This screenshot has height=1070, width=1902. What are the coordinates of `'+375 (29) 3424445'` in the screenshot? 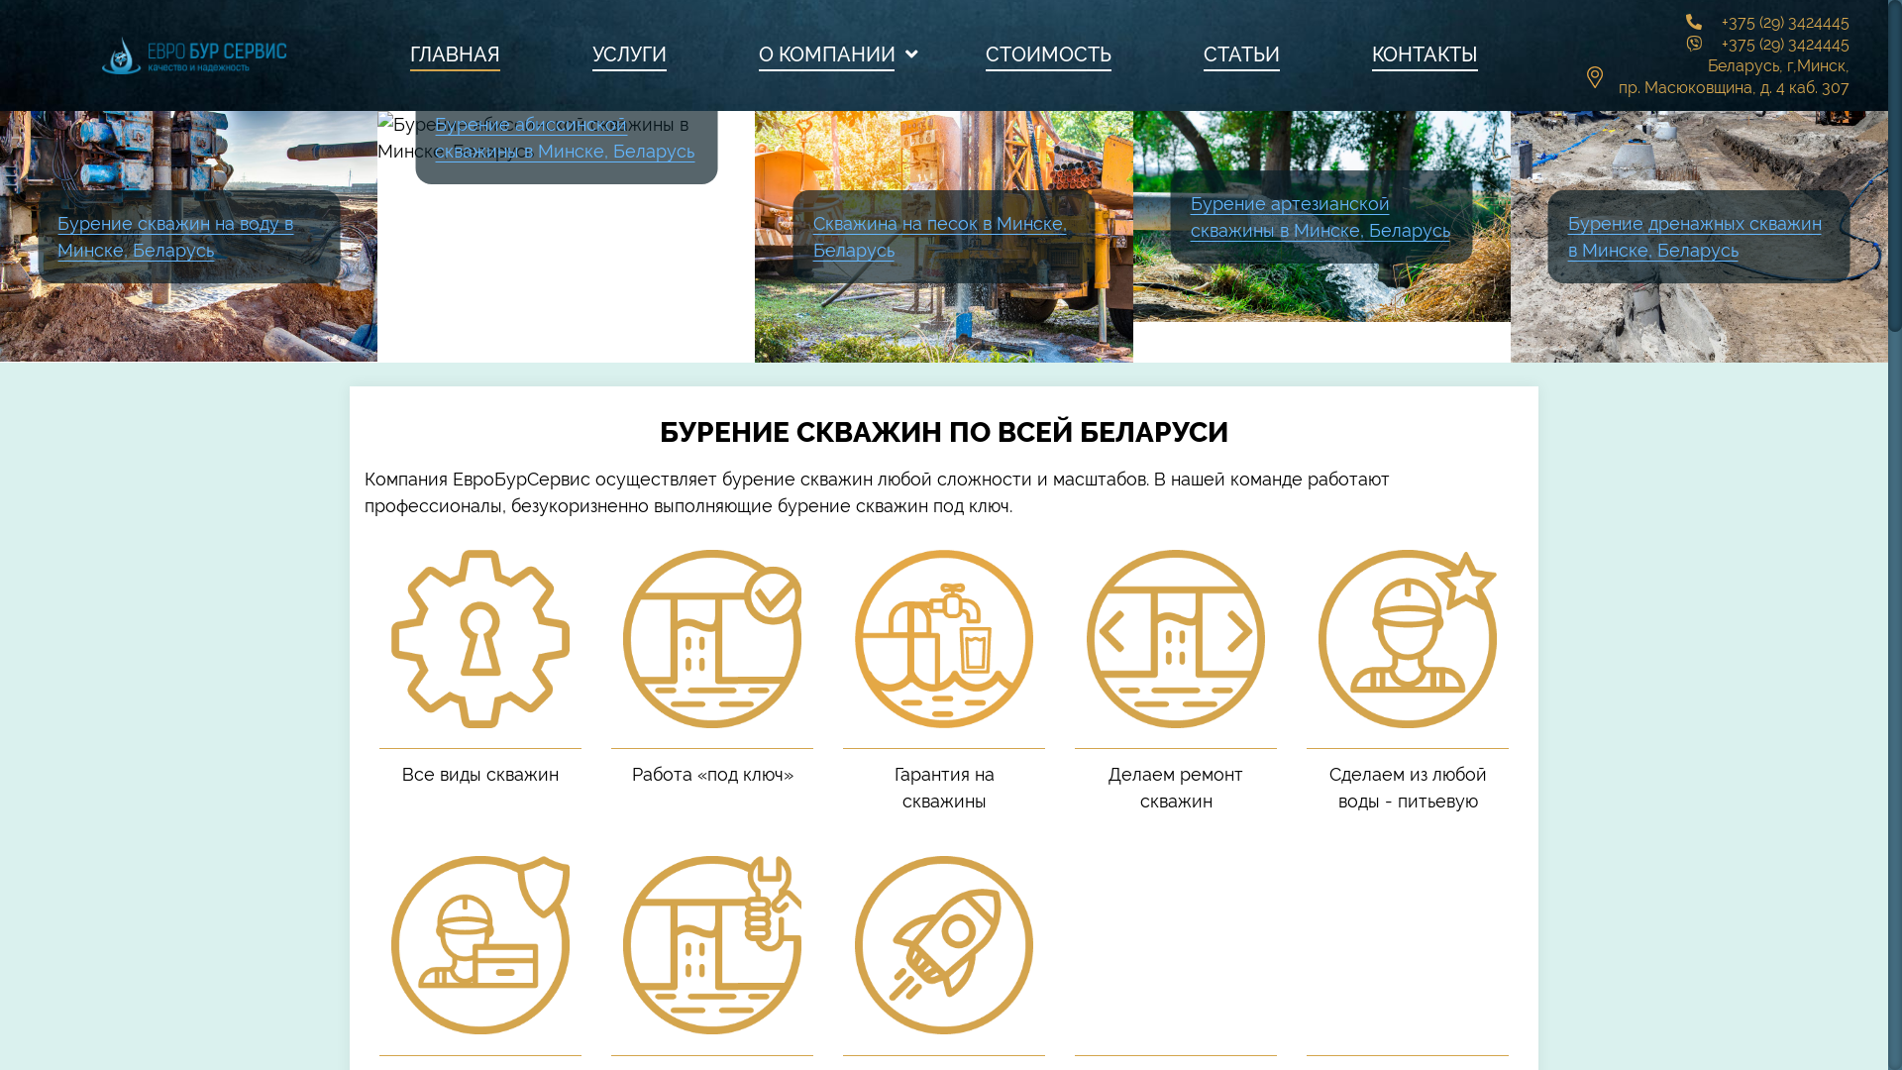 It's located at (1720, 44).